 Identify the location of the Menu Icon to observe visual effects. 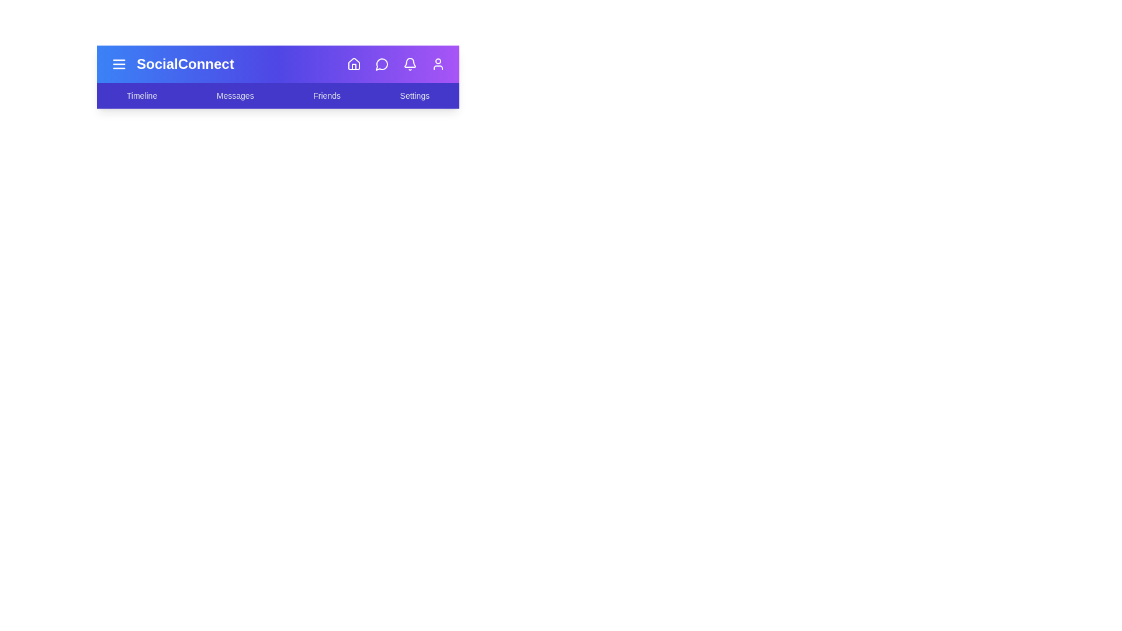
(119, 64).